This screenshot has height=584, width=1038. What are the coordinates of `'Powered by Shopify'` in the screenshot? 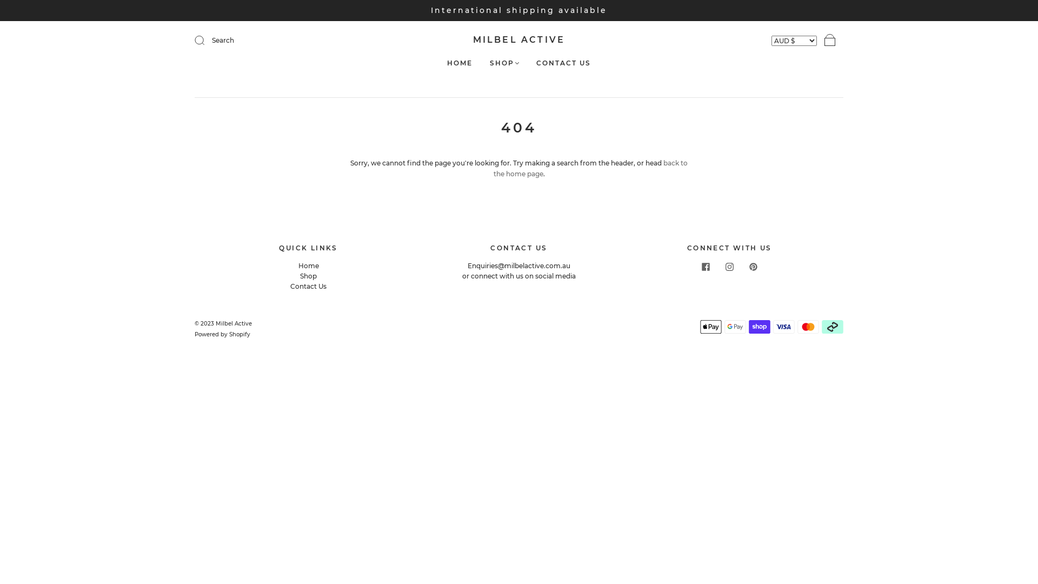 It's located at (195, 334).